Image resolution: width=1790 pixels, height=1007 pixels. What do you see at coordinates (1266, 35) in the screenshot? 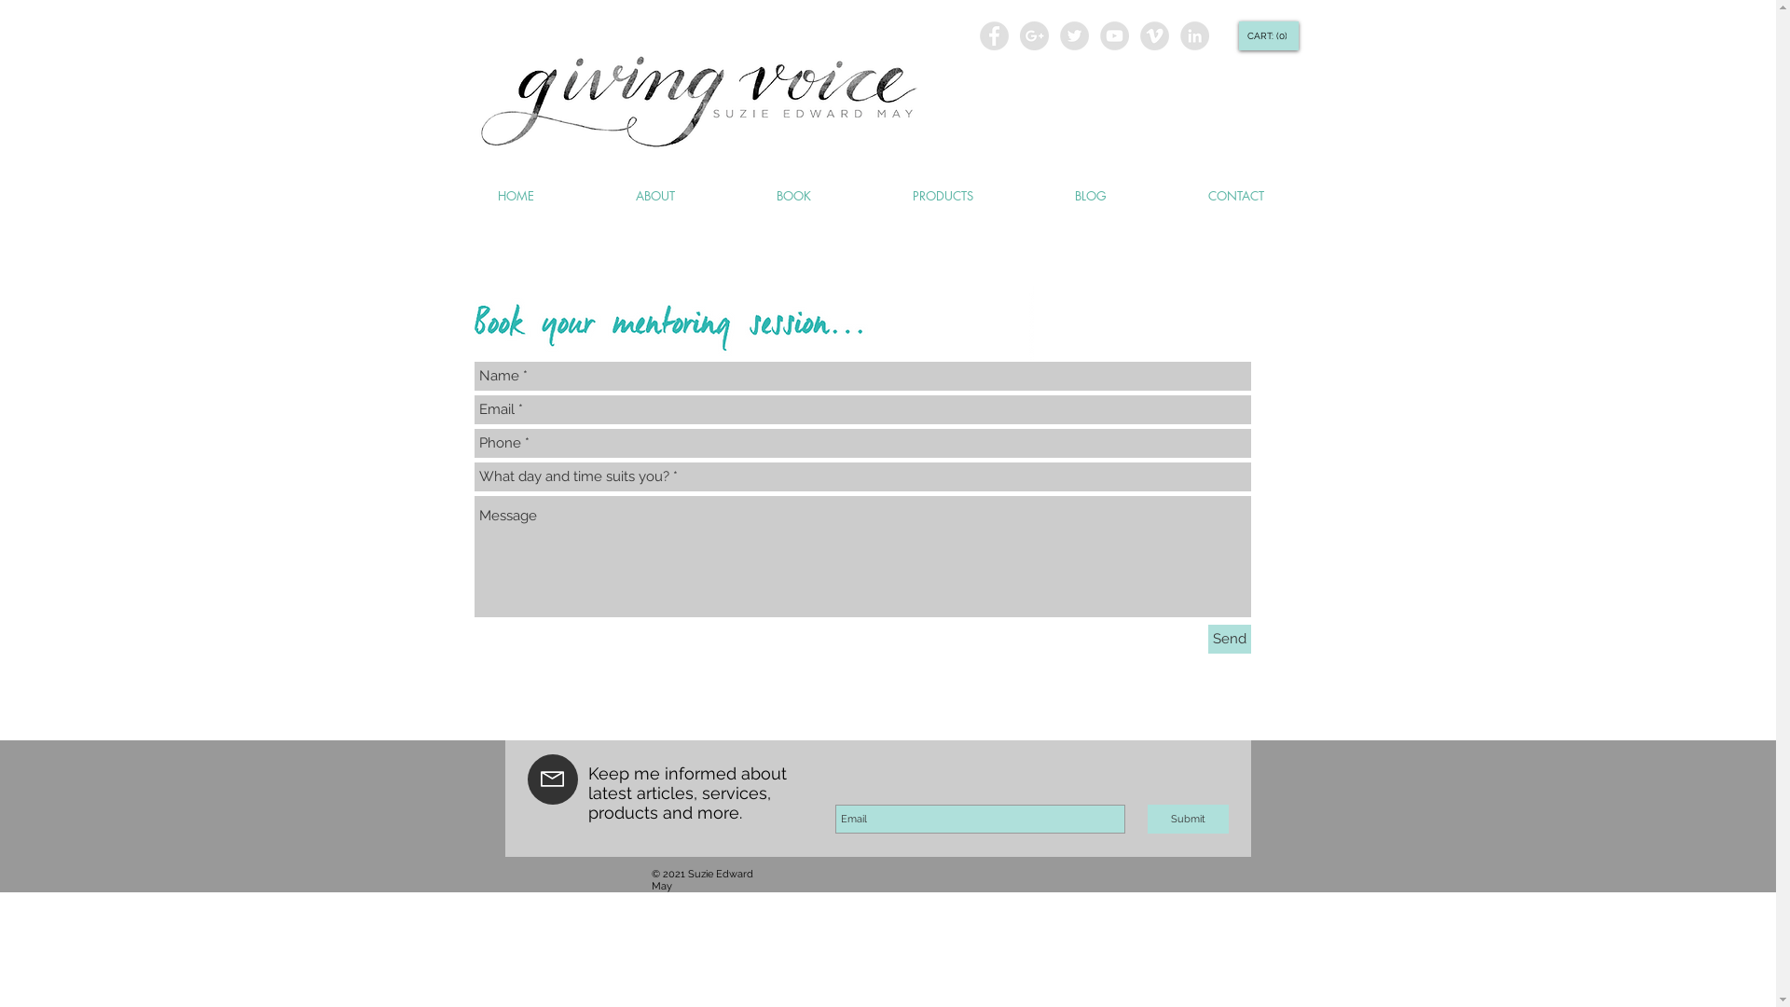
I see `'CART: (0)'` at bounding box center [1266, 35].